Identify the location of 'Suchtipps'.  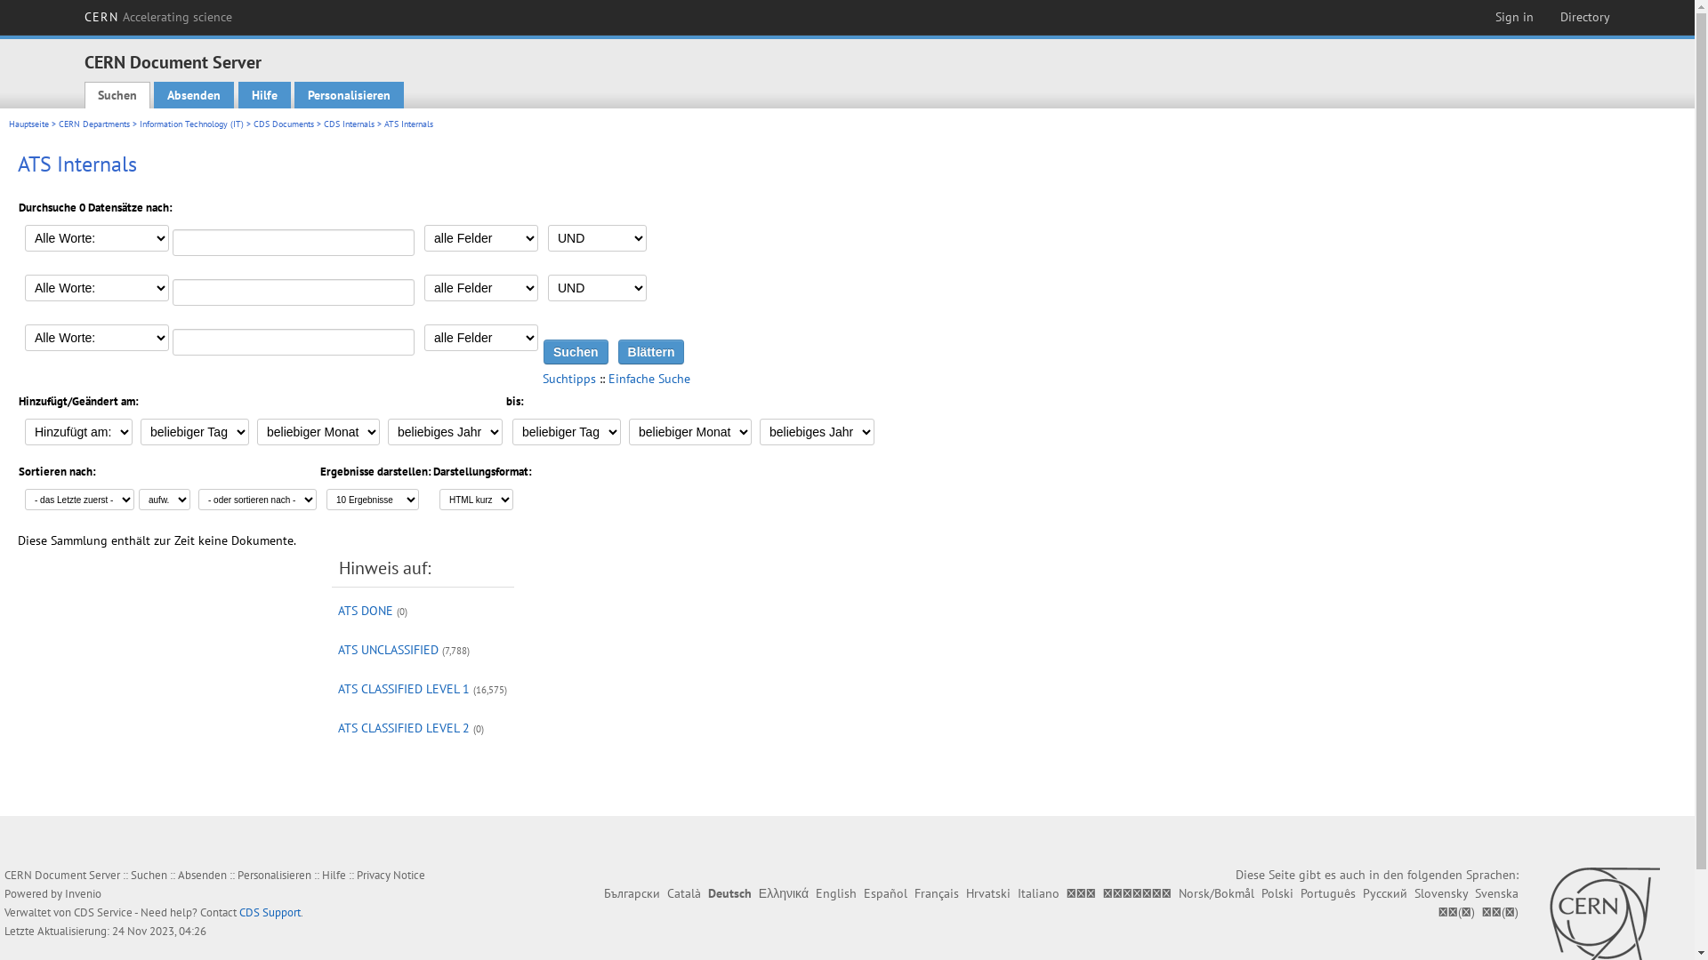
(568, 377).